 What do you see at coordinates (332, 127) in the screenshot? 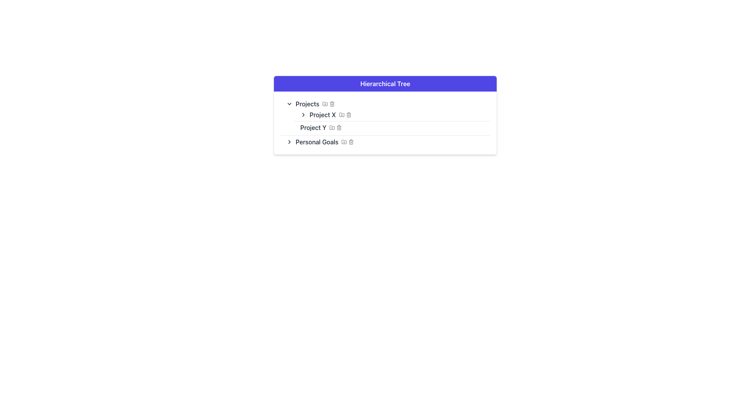
I see `the folder icon with a plus sign located in the second position of the icon group under 'Project Y' in the 'Hierarchical Tree' section` at bounding box center [332, 127].